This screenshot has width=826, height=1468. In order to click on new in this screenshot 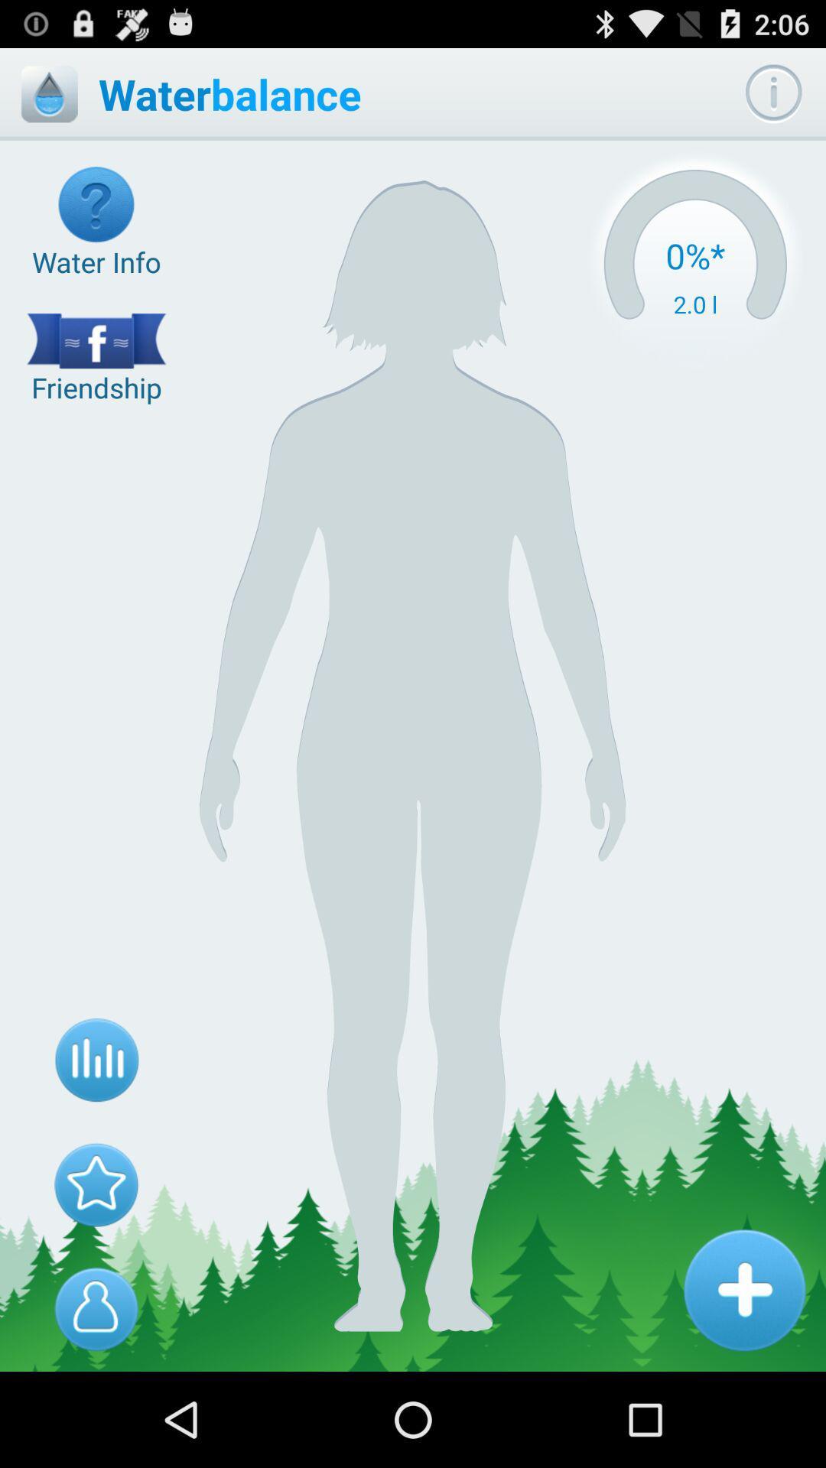, I will do `click(743, 1289)`.